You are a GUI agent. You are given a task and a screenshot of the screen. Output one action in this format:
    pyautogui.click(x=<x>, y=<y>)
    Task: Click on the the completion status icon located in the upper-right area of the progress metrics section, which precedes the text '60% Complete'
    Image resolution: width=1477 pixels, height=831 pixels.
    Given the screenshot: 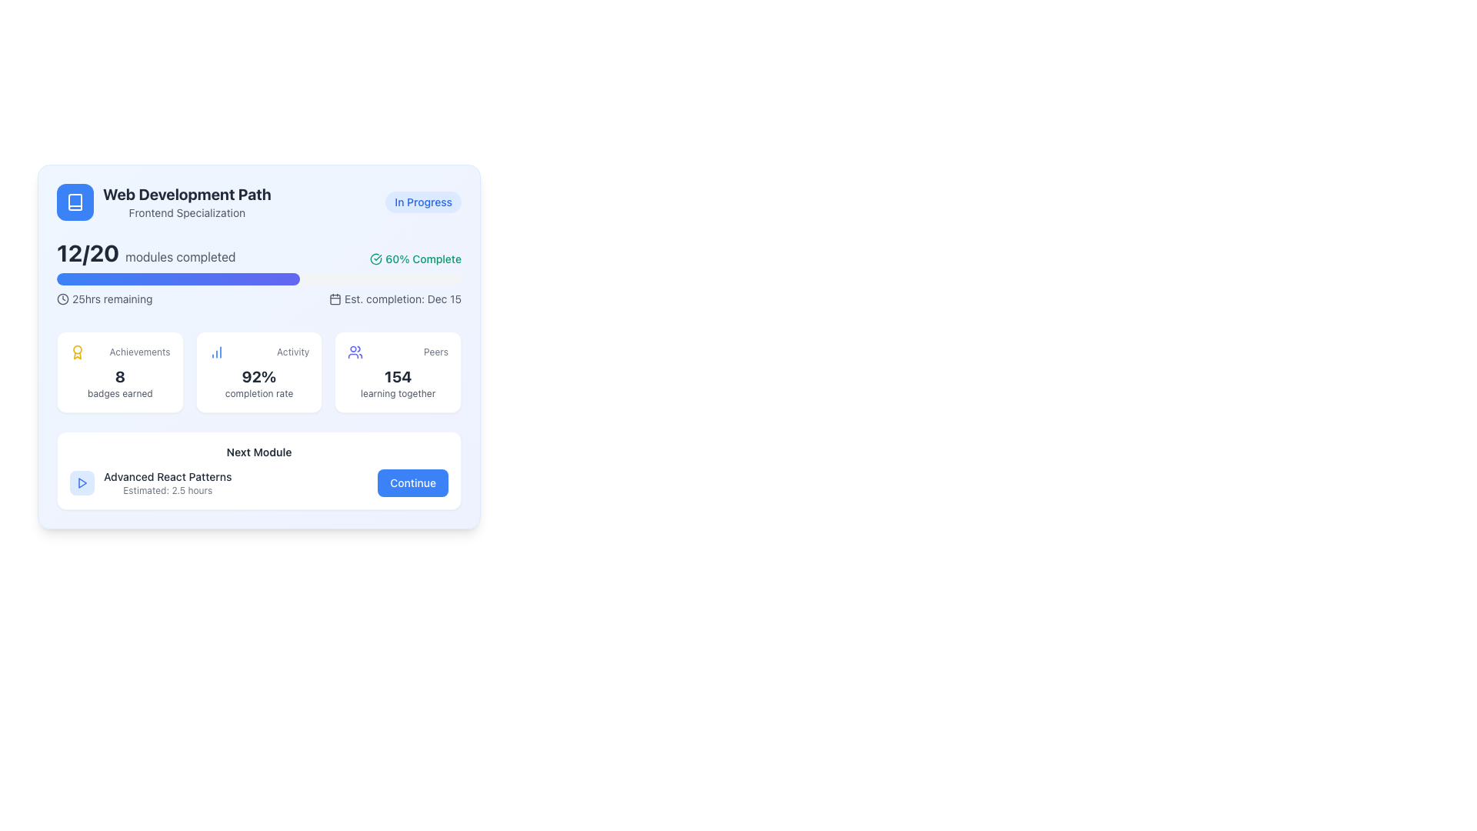 What is the action you would take?
    pyautogui.click(x=376, y=258)
    